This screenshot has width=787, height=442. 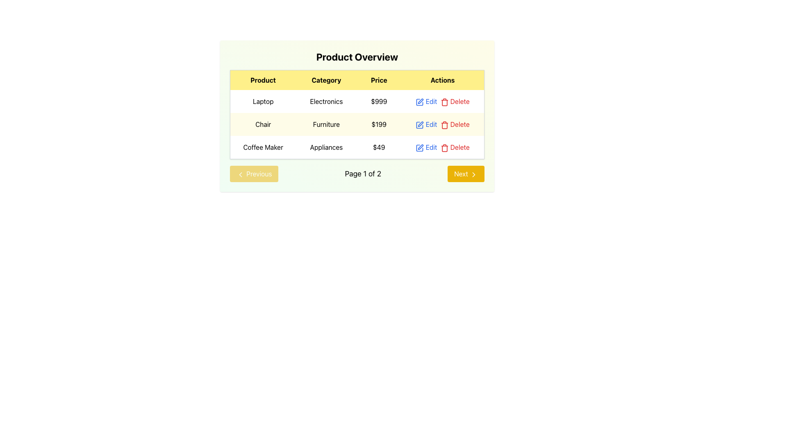 I want to click on the edit icon for the 'Laptop' entry in the 'Actions' column of the table in the 'Product Overview' interface, so click(x=421, y=101).